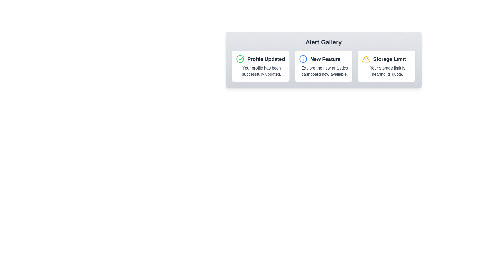 The image size is (490, 276). I want to click on the 'New Feature' text label or the accompanying informational icon with a blue circular outline and 'i' symbol located in the second card of the Alert Gallery section, so click(323, 59).